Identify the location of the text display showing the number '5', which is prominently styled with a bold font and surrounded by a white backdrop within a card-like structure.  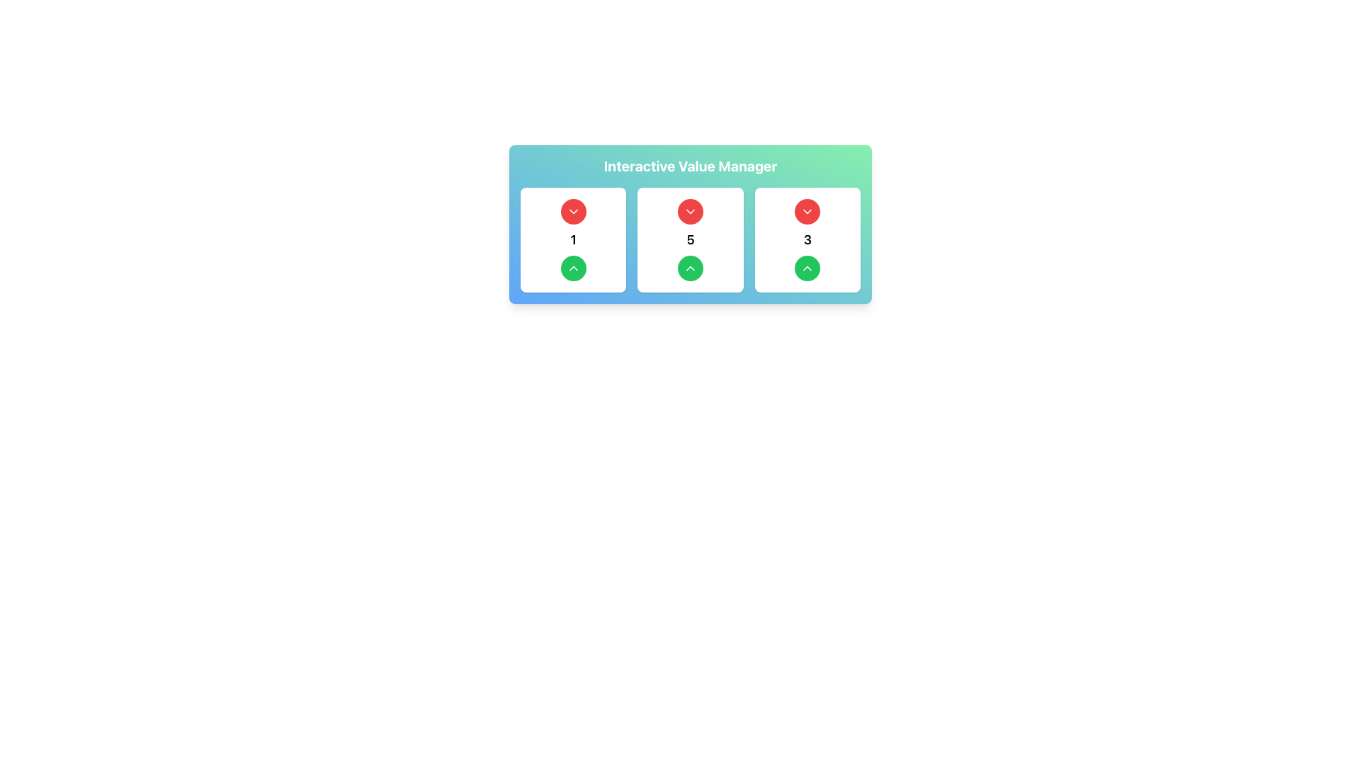
(690, 239).